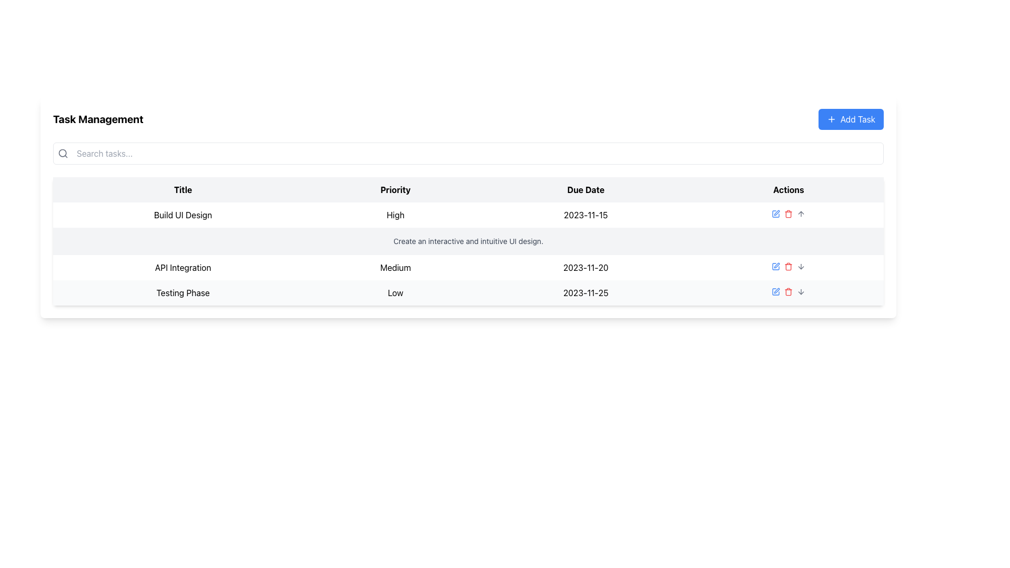  Describe the element at coordinates (801, 214) in the screenshot. I see `the upward-pointing arrow icon in the 'Actions' column of the 'API Integration' task row` at that location.